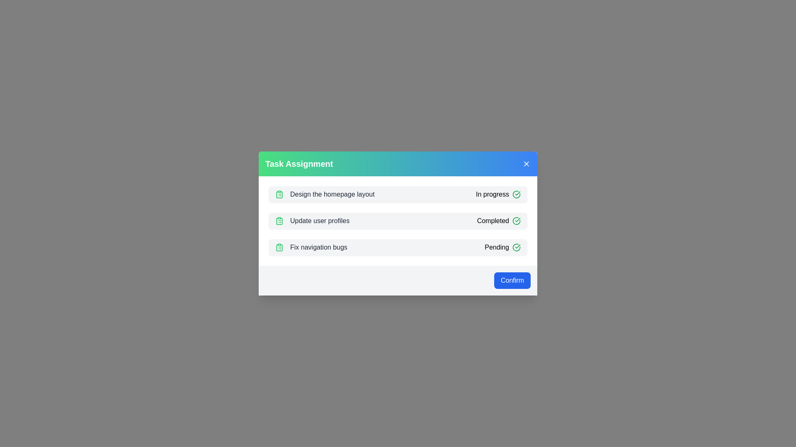 The image size is (796, 447). What do you see at coordinates (312, 220) in the screenshot?
I see `the text label stating 'Update user profiles' with the green clipboard icon to its left` at bounding box center [312, 220].